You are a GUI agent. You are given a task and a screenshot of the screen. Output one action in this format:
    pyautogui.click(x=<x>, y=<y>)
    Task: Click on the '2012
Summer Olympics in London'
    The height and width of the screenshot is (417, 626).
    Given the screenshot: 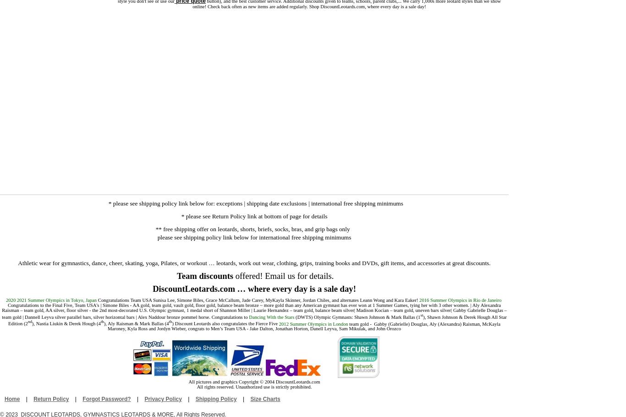 What is the action you would take?
    pyautogui.click(x=314, y=323)
    